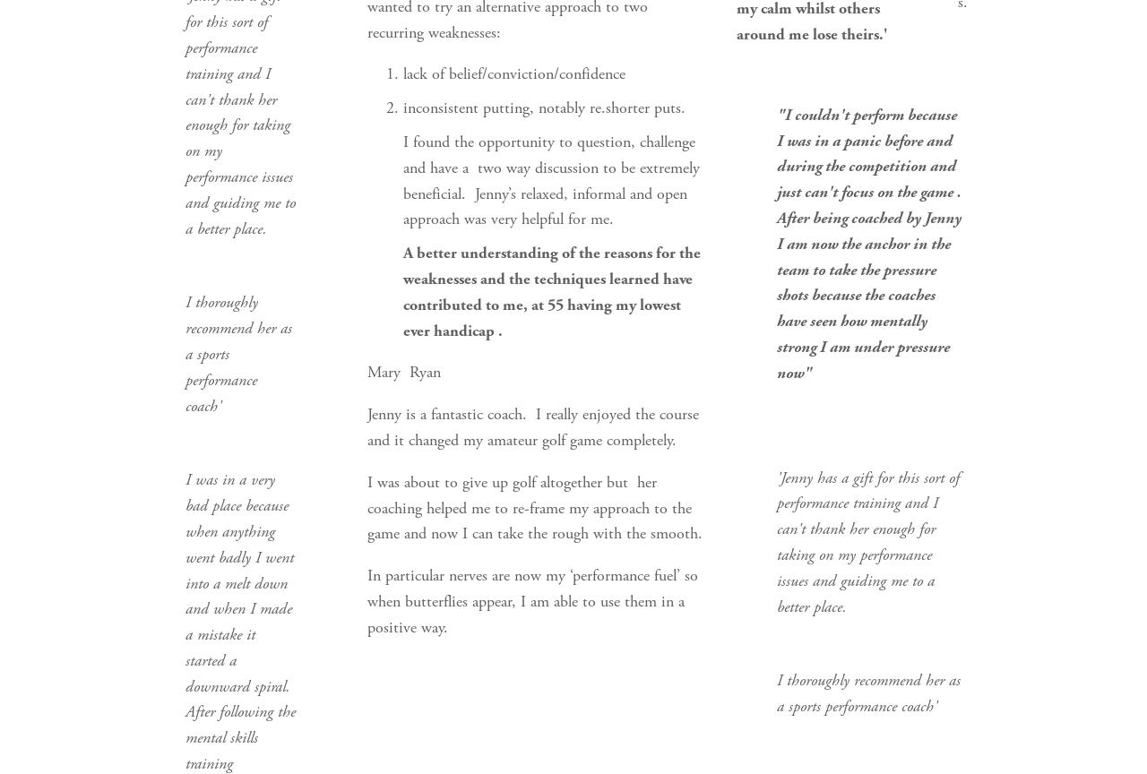 The width and height of the screenshot is (1147, 774). What do you see at coordinates (513, 73) in the screenshot?
I see `'lack of belief/conviction/confidence'` at bounding box center [513, 73].